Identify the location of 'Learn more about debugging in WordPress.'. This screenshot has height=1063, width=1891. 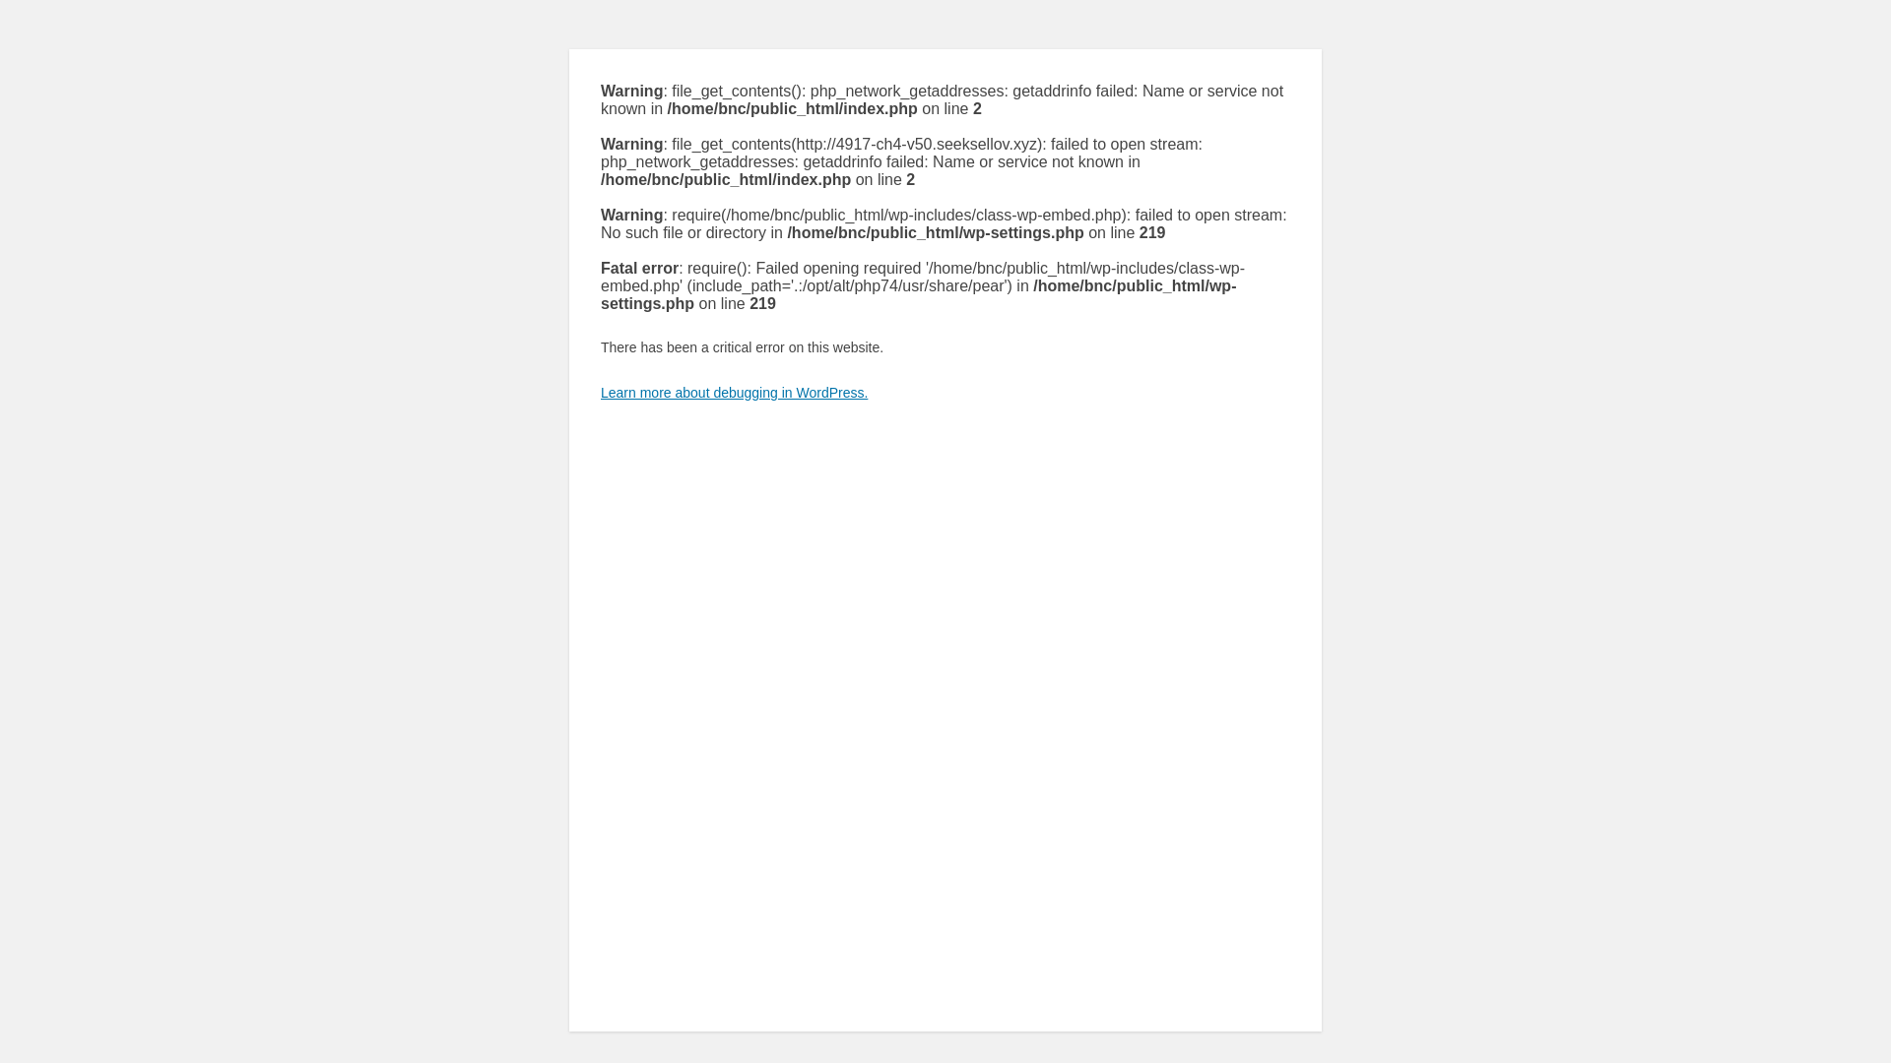
(599, 392).